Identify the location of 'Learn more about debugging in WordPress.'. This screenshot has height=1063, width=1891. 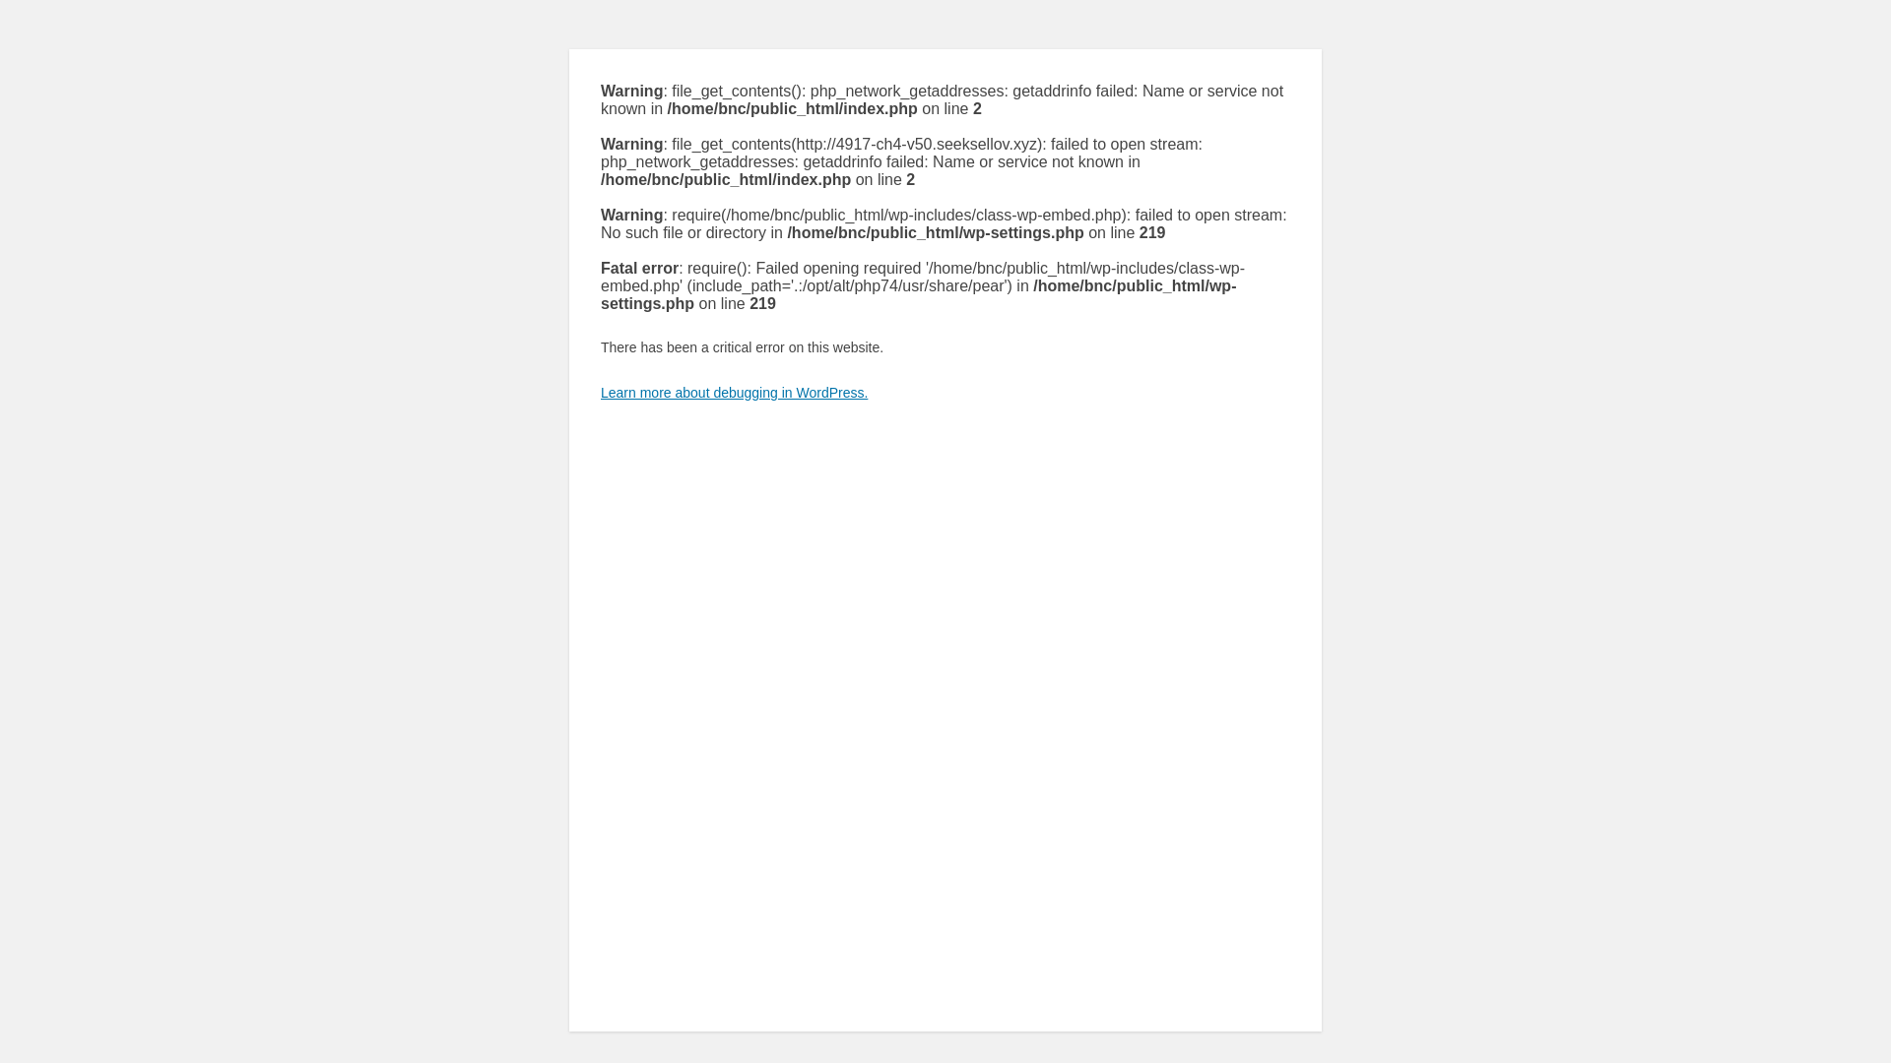
(599, 392).